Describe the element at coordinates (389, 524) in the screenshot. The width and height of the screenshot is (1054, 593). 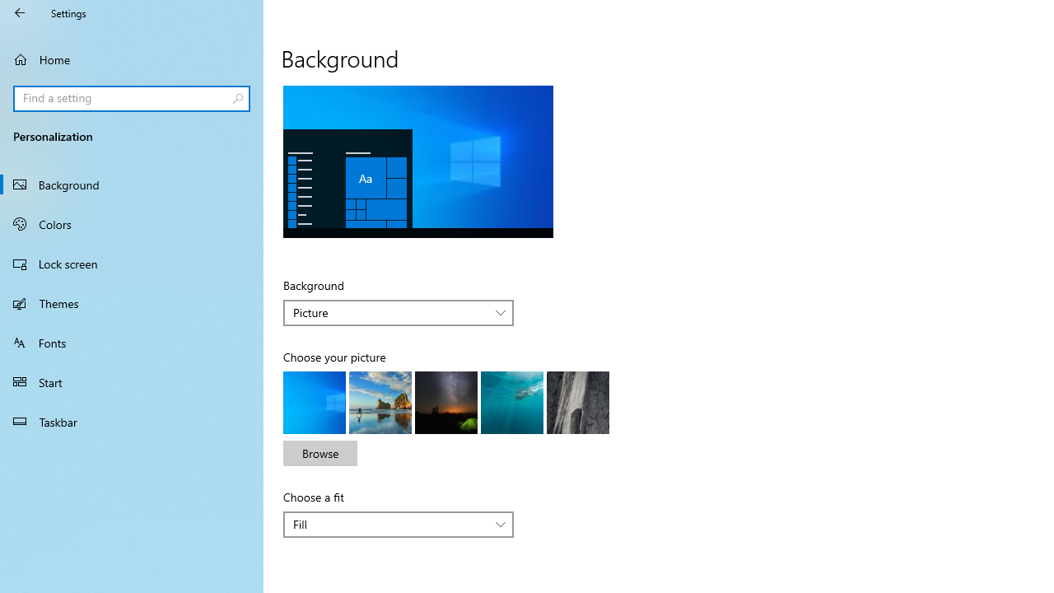
I see `'Fill'` at that location.